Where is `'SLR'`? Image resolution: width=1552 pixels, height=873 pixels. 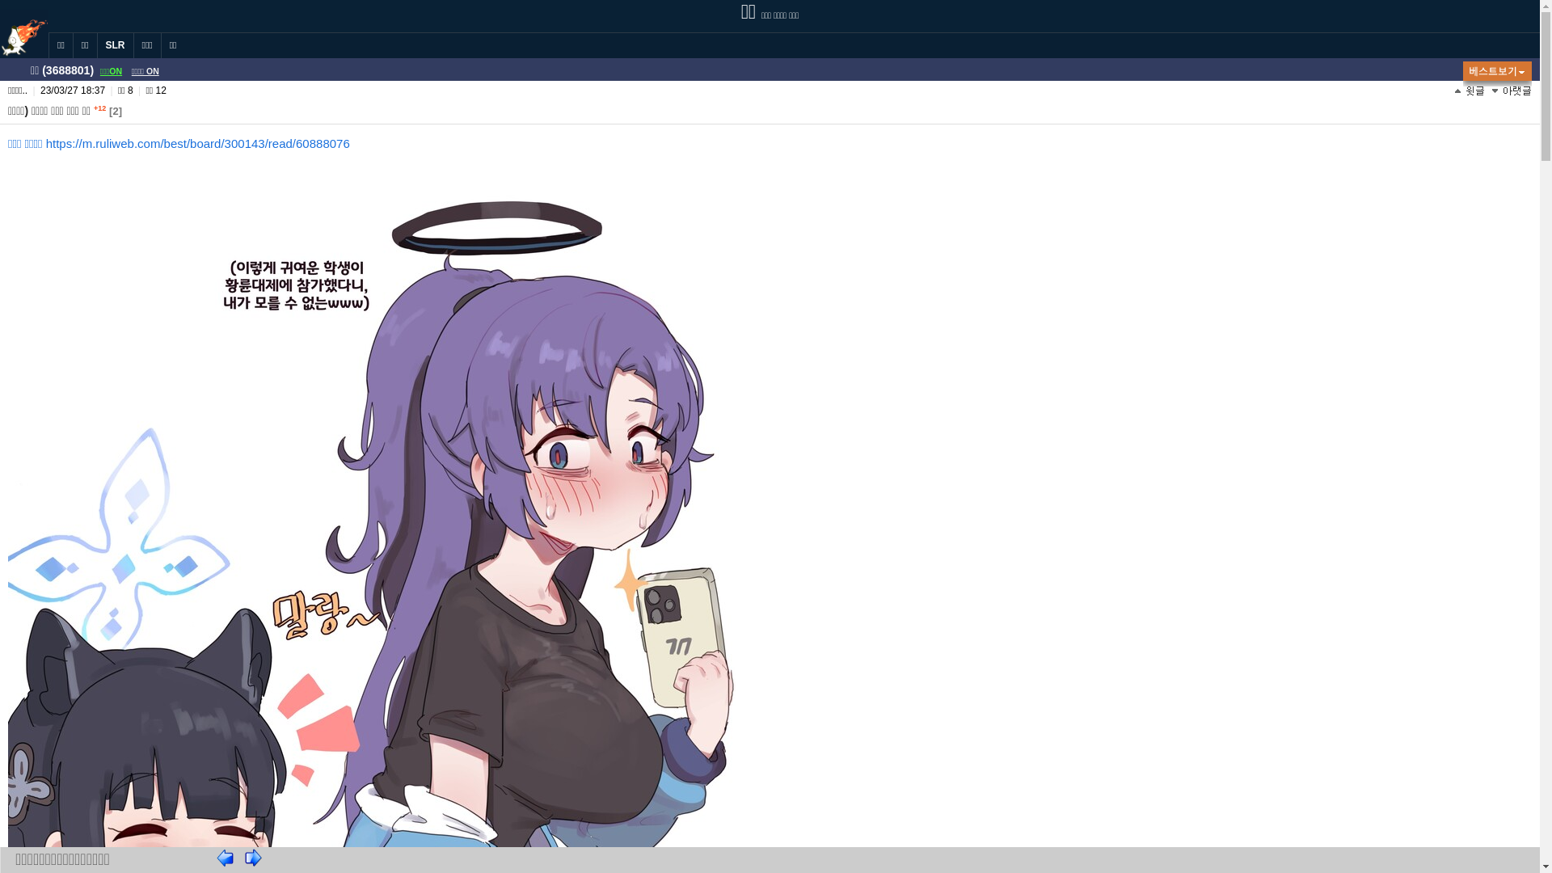 'SLR' is located at coordinates (96, 44).